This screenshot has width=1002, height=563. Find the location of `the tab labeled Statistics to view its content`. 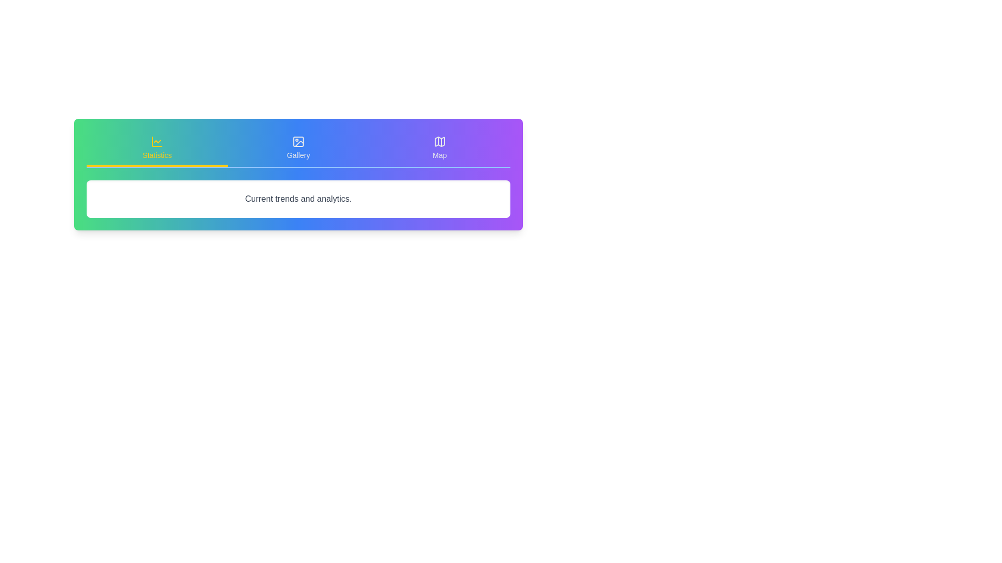

the tab labeled Statistics to view its content is located at coordinates (157, 149).